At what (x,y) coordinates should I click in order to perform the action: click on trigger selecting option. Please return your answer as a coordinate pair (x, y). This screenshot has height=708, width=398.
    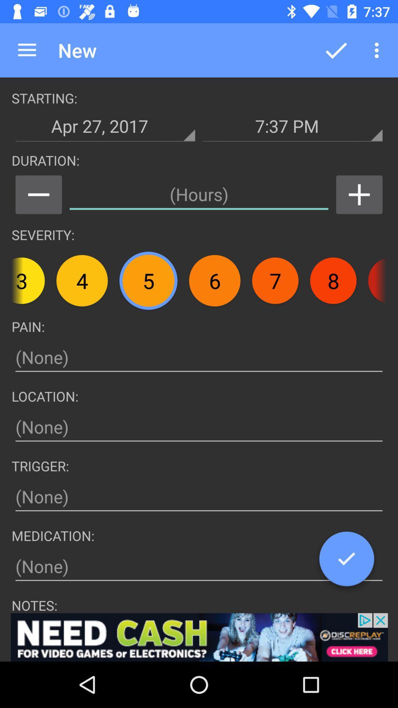
    Looking at the image, I should click on (199, 497).